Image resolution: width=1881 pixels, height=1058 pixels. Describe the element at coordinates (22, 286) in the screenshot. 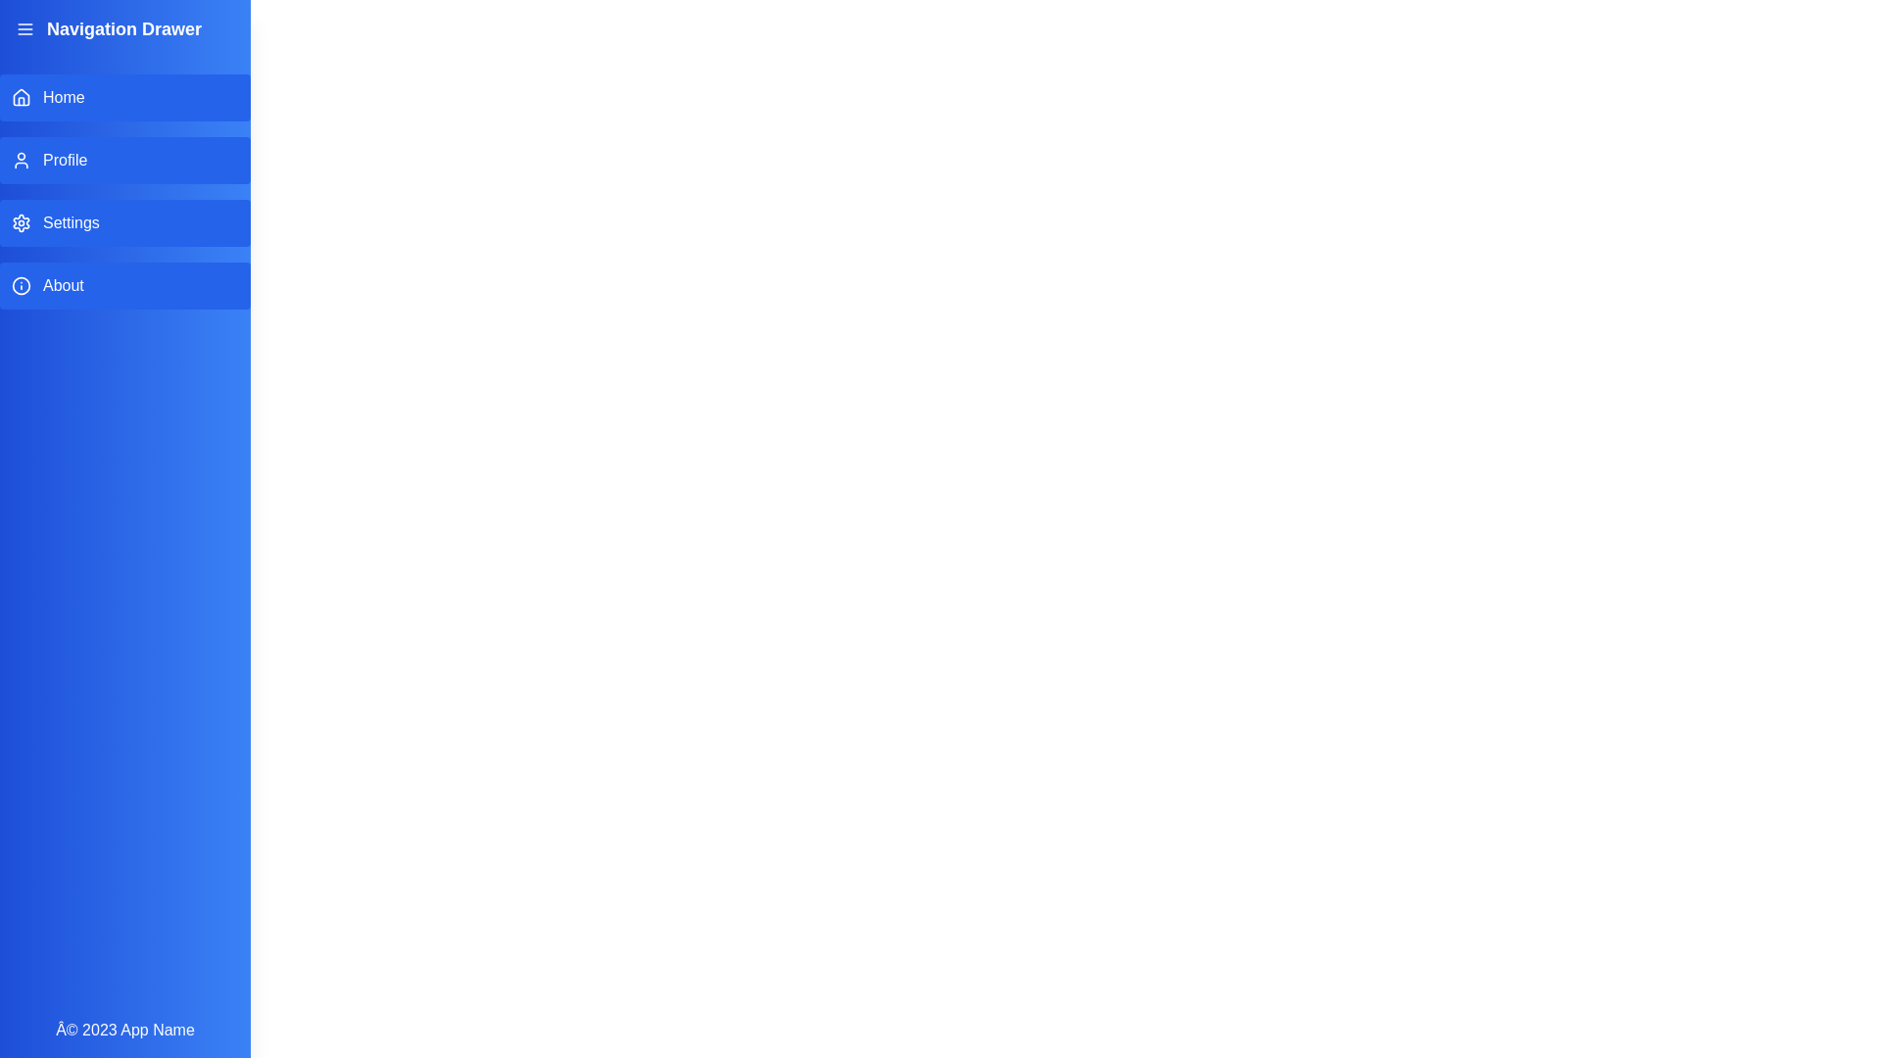

I see `the circular information icon with a blue background located in the 'About' menu item of the left vertical navigation drawer` at that location.